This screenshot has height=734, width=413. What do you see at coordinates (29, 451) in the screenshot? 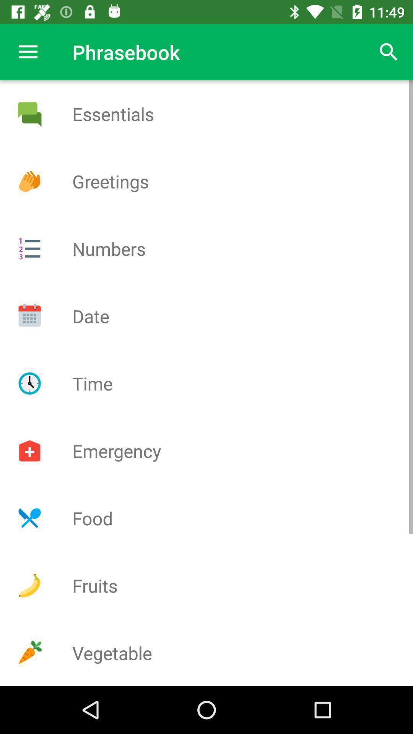
I see `emergency category` at bounding box center [29, 451].